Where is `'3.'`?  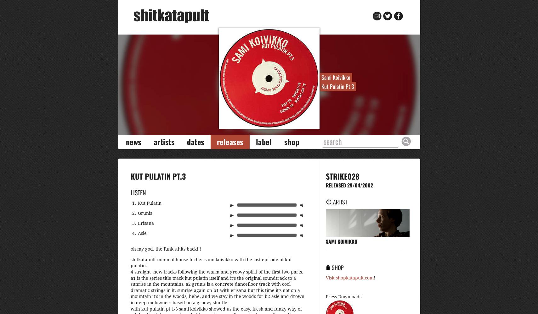 '3.' is located at coordinates (134, 223).